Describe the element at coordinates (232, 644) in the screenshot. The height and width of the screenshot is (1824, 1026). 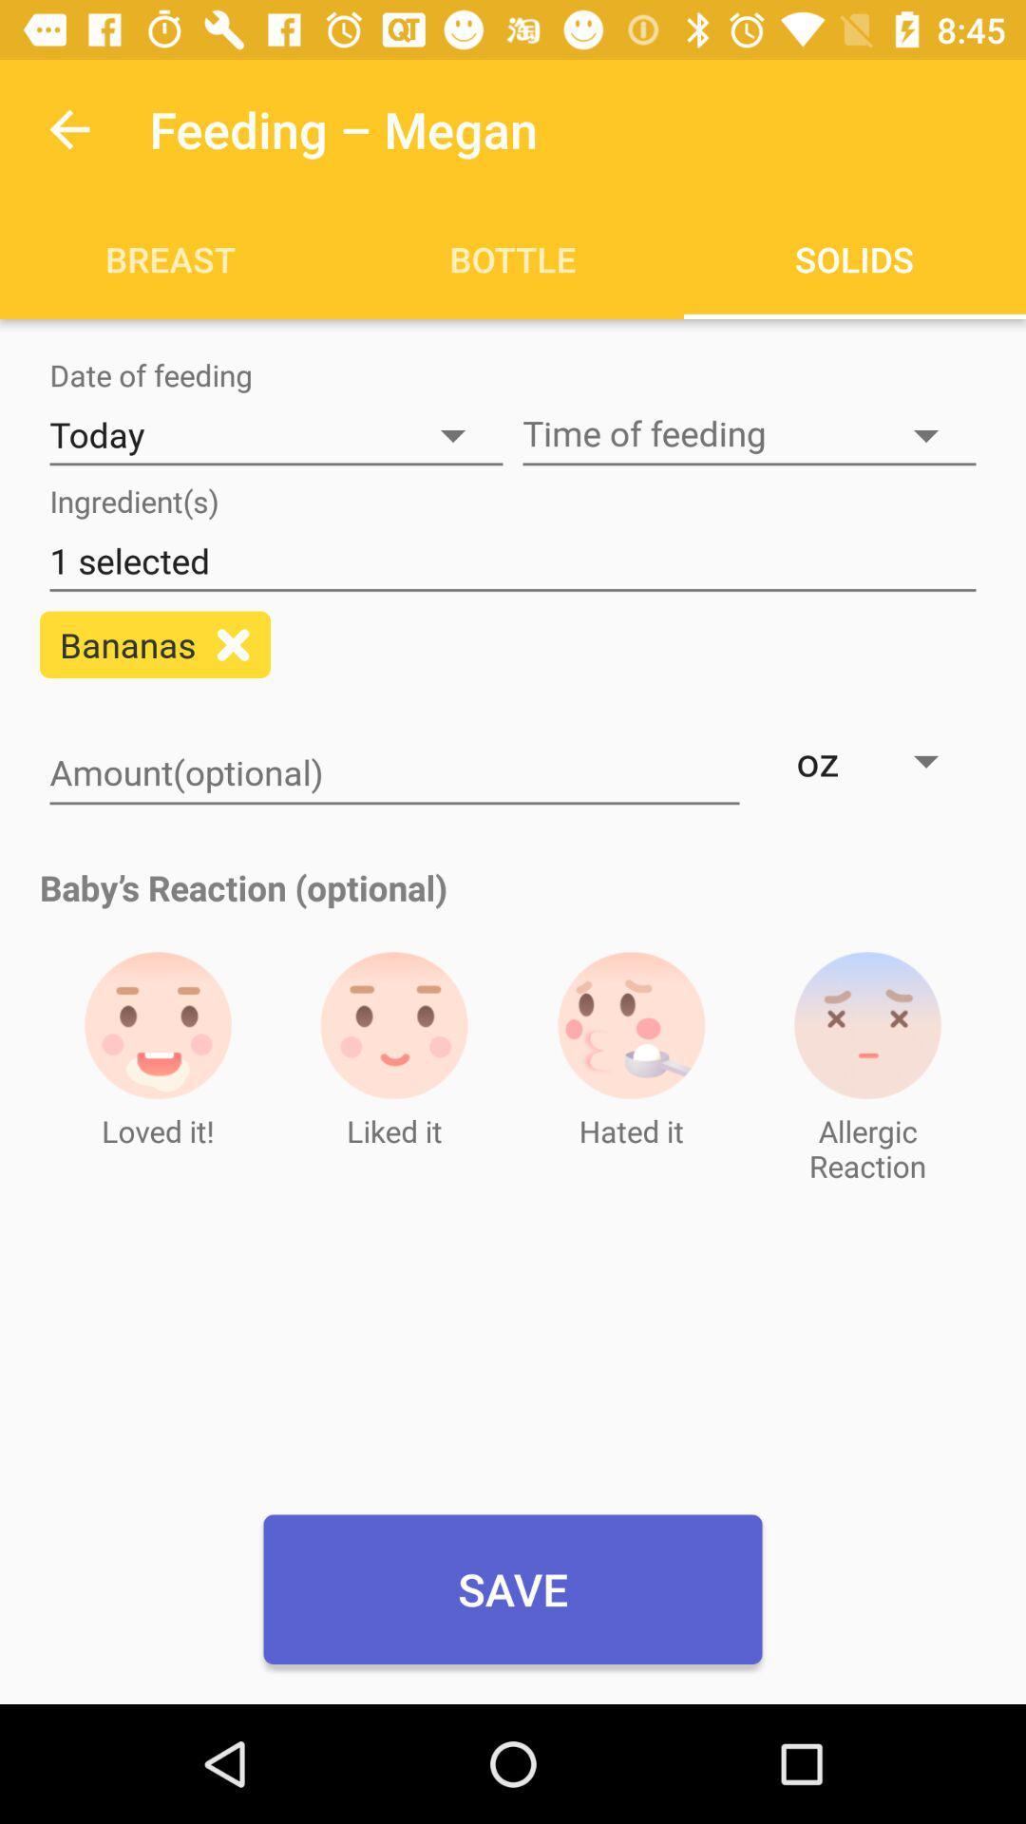
I see `bananas` at that location.